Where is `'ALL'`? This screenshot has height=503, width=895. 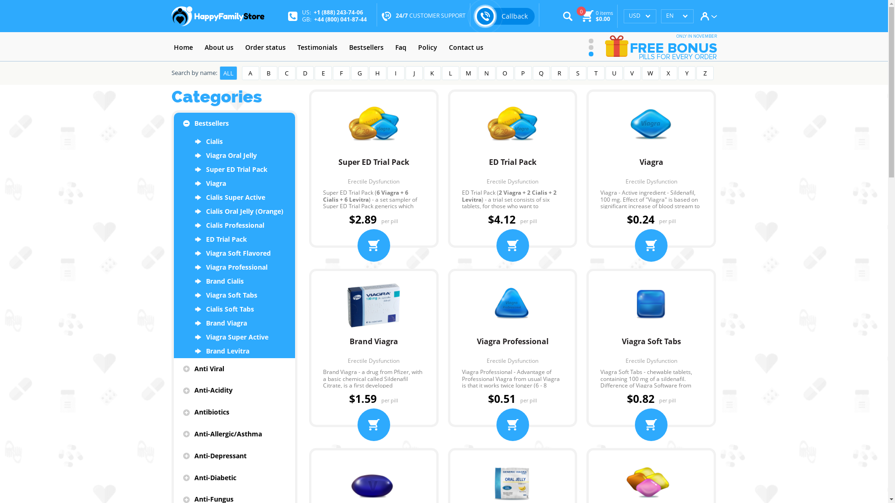 'ALL' is located at coordinates (228, 73).